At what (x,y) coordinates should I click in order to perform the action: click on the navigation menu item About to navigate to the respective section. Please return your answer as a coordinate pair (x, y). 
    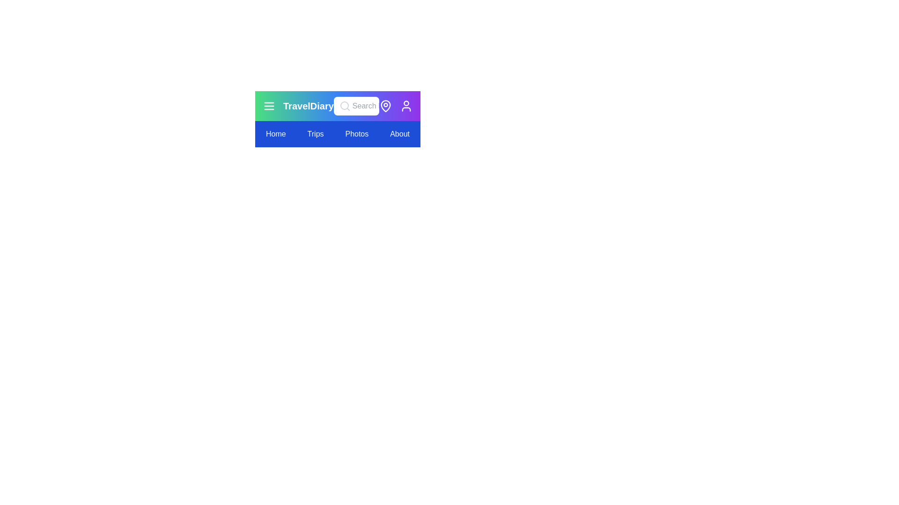
    Looking at the image, I should click on (400, 134).